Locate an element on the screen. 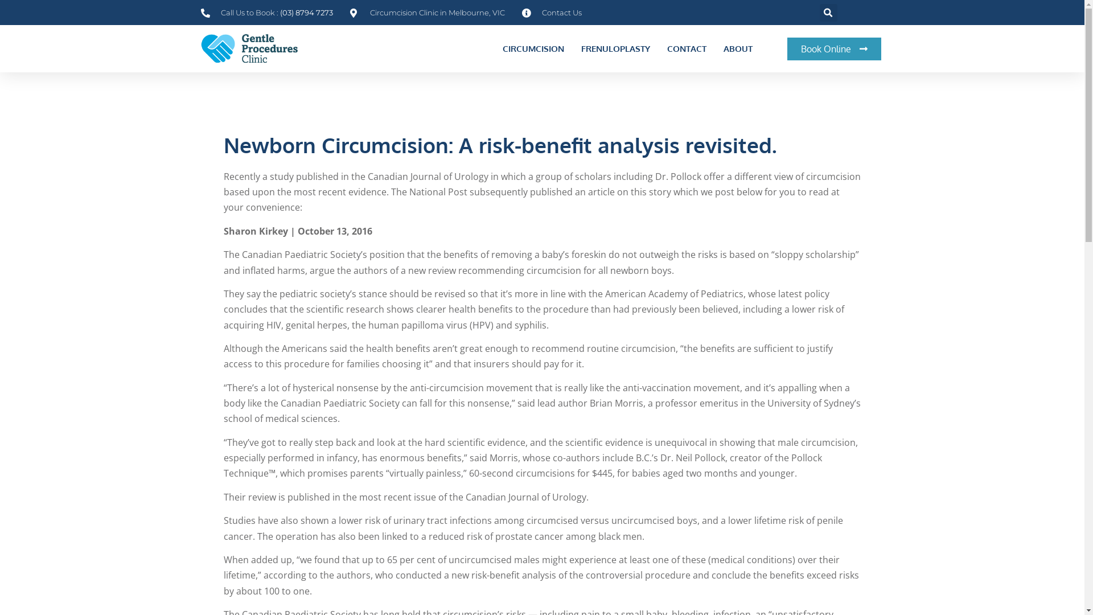  'Book Online' is located at coordinates (834, 48).